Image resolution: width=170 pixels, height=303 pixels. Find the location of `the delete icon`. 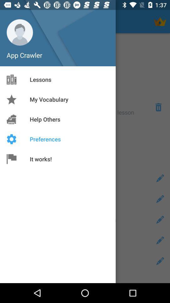

the delete icon is located at coordinates (158, 107).